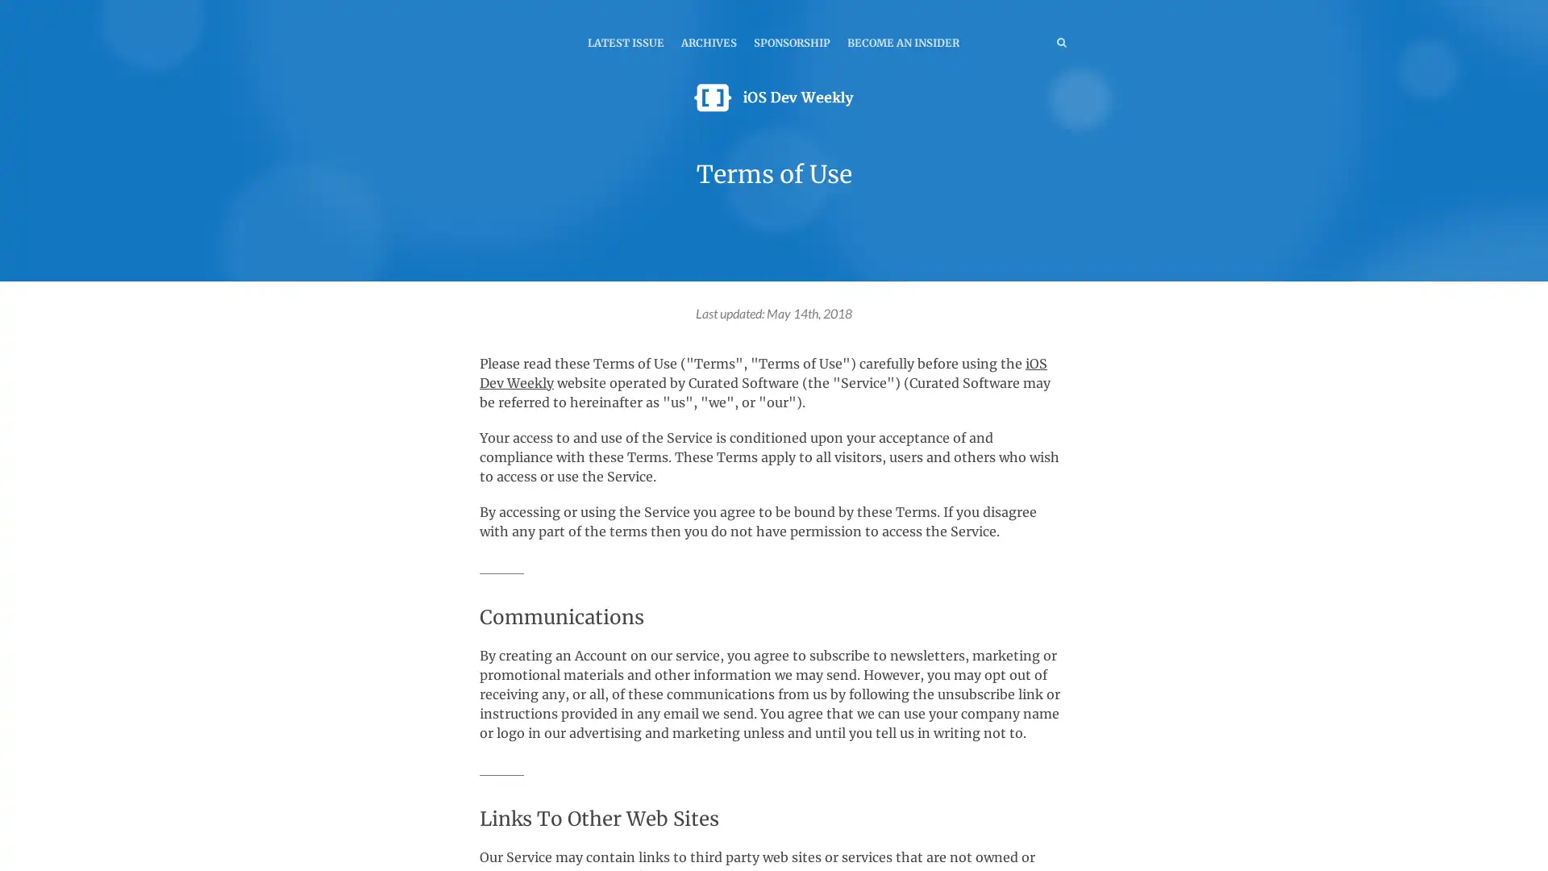 This screenshot has width=1548, height=871. Describe the element at coordinates (482, 11) in the screenshot. I see `TOGGLE MENU` at that location.